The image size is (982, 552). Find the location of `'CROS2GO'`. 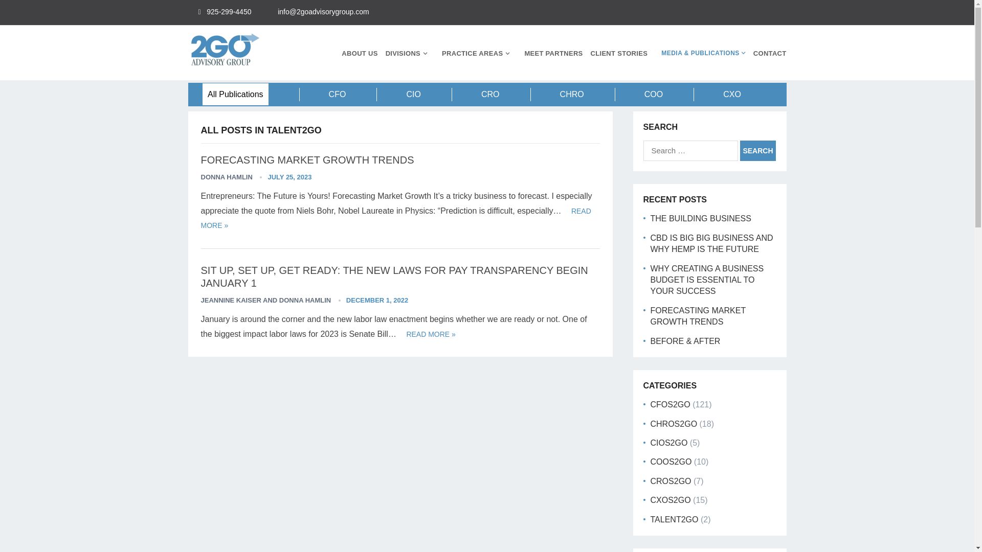

'CROS2GO' is located at coordinates (650, 481).